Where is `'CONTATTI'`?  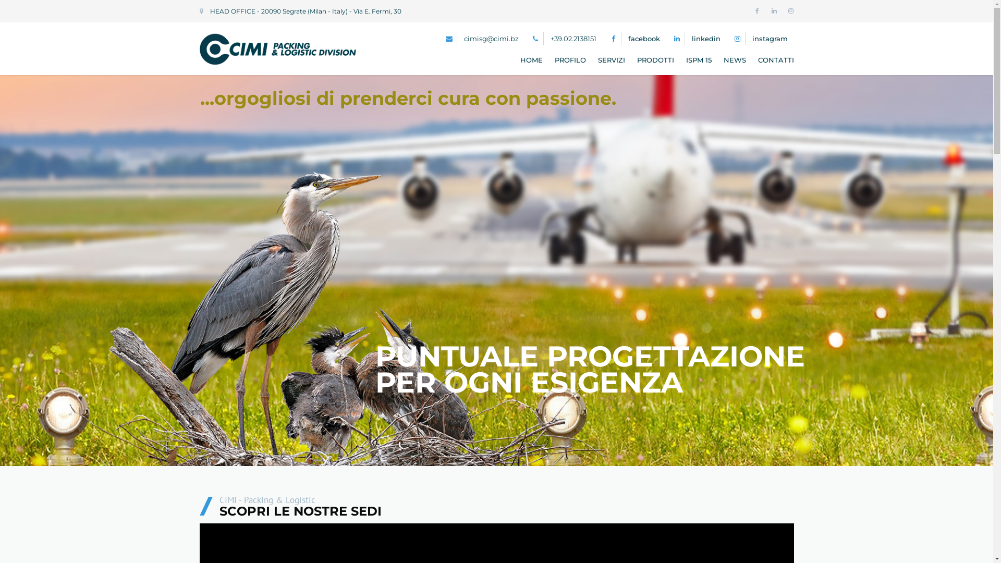 'CONTATTI' is located at coordinates (773, 60).